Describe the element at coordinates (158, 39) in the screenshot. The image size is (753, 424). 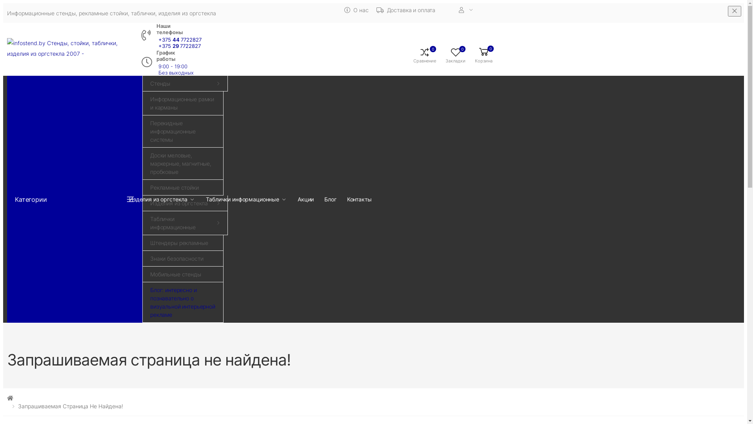
I see `'+375 44 7722827'` at that location.